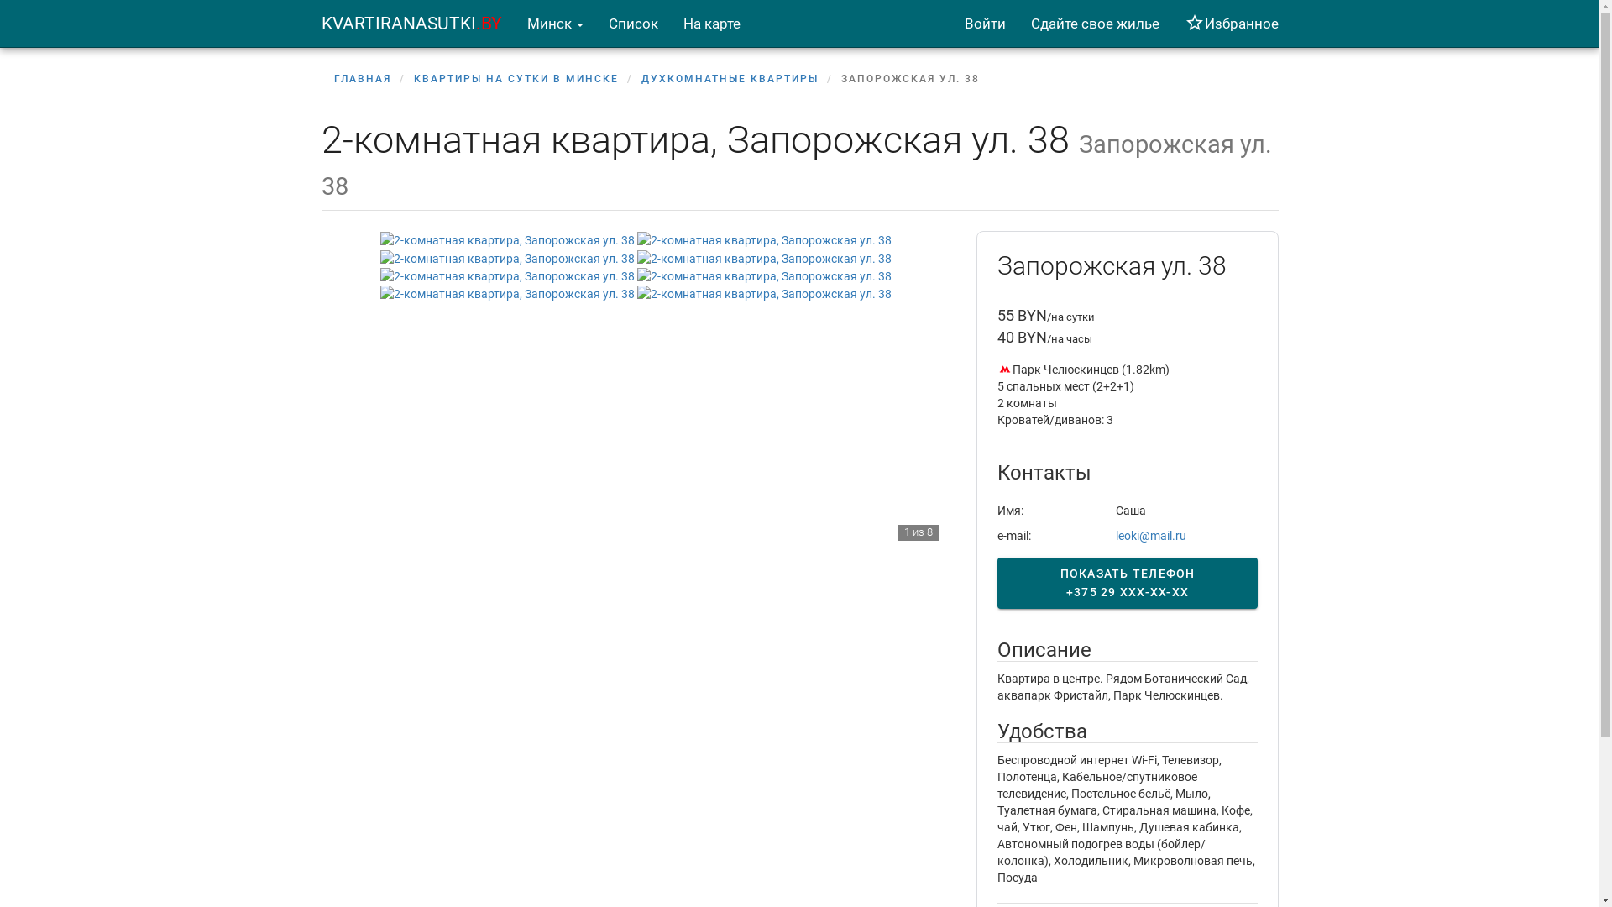  Describe the element at coordinates (411, 23) in the screenshot. I see `'KVARTIRANASUTKI.BY'` at that location.